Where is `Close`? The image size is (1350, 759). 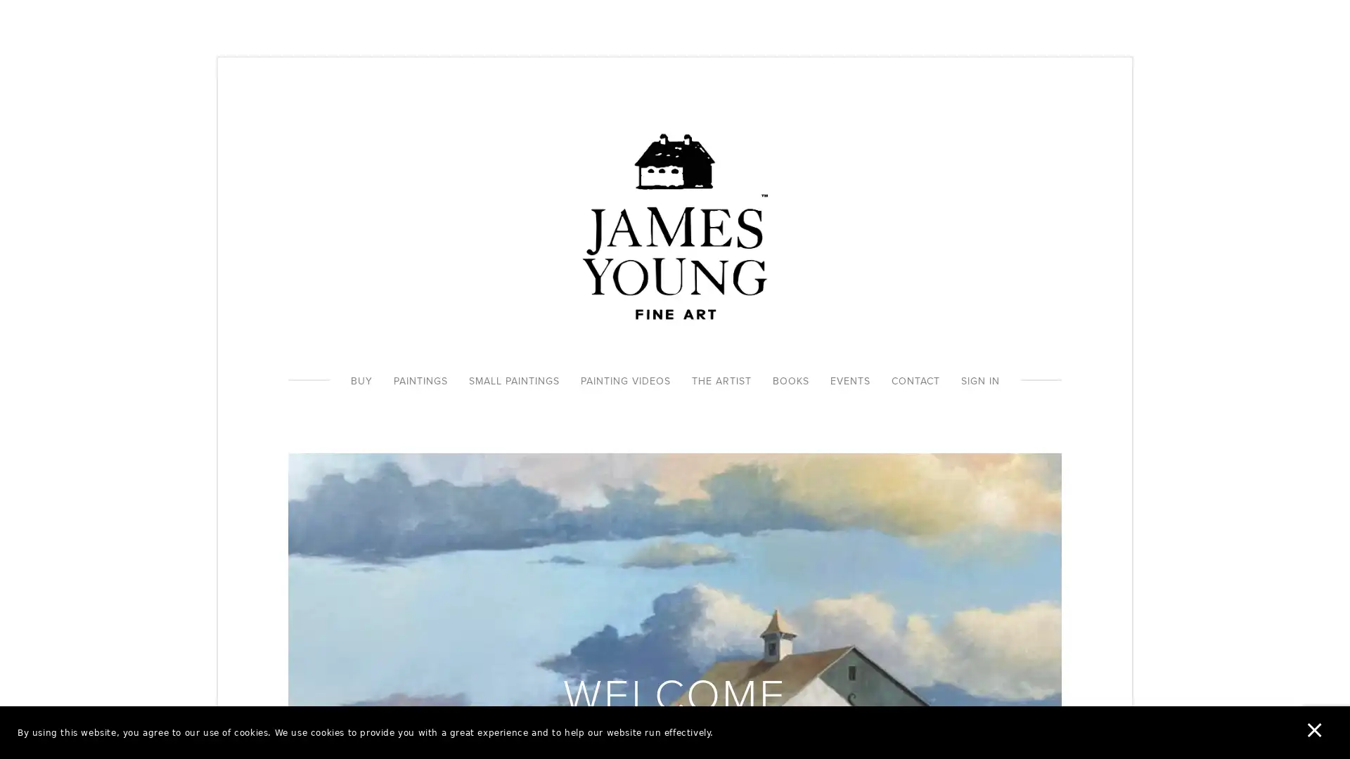 Close is located at coordinates (880, 248).